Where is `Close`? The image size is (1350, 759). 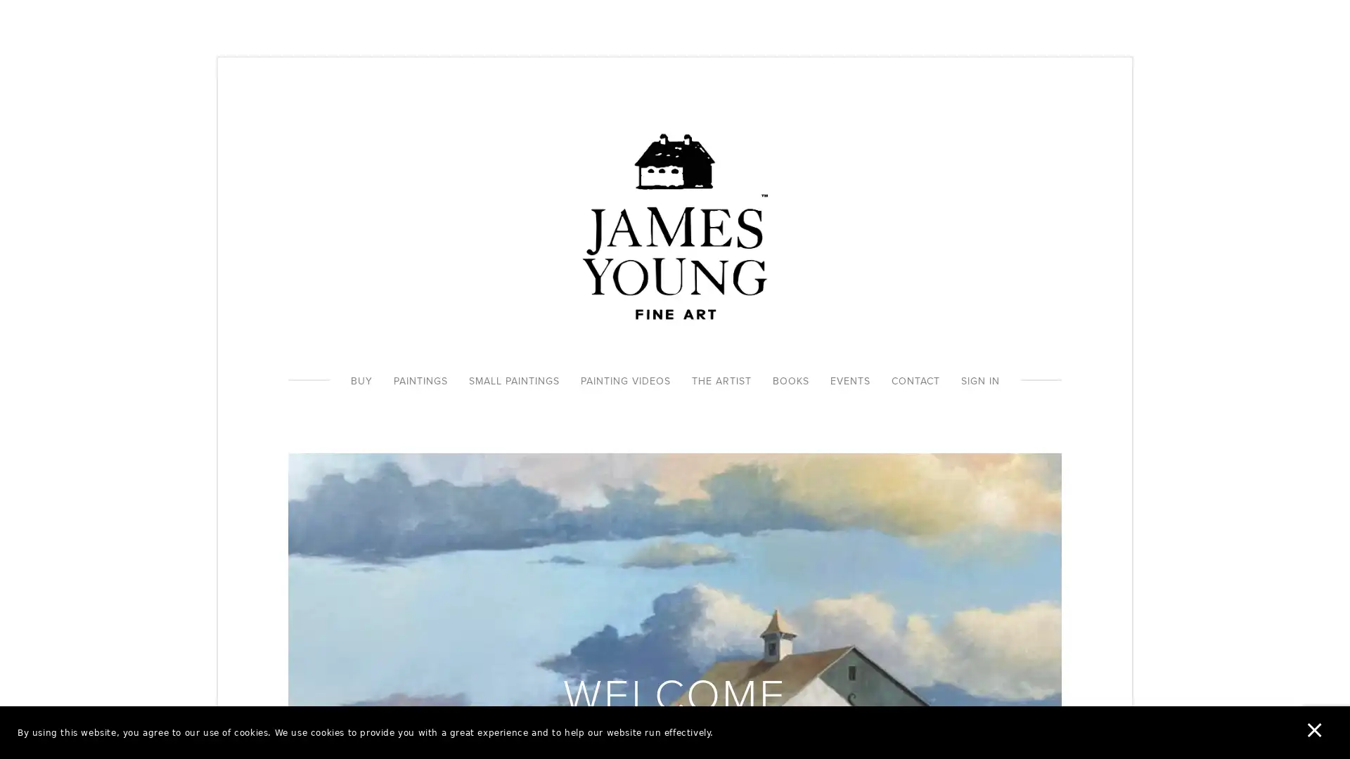 Close is located at coordinates (880, 248).